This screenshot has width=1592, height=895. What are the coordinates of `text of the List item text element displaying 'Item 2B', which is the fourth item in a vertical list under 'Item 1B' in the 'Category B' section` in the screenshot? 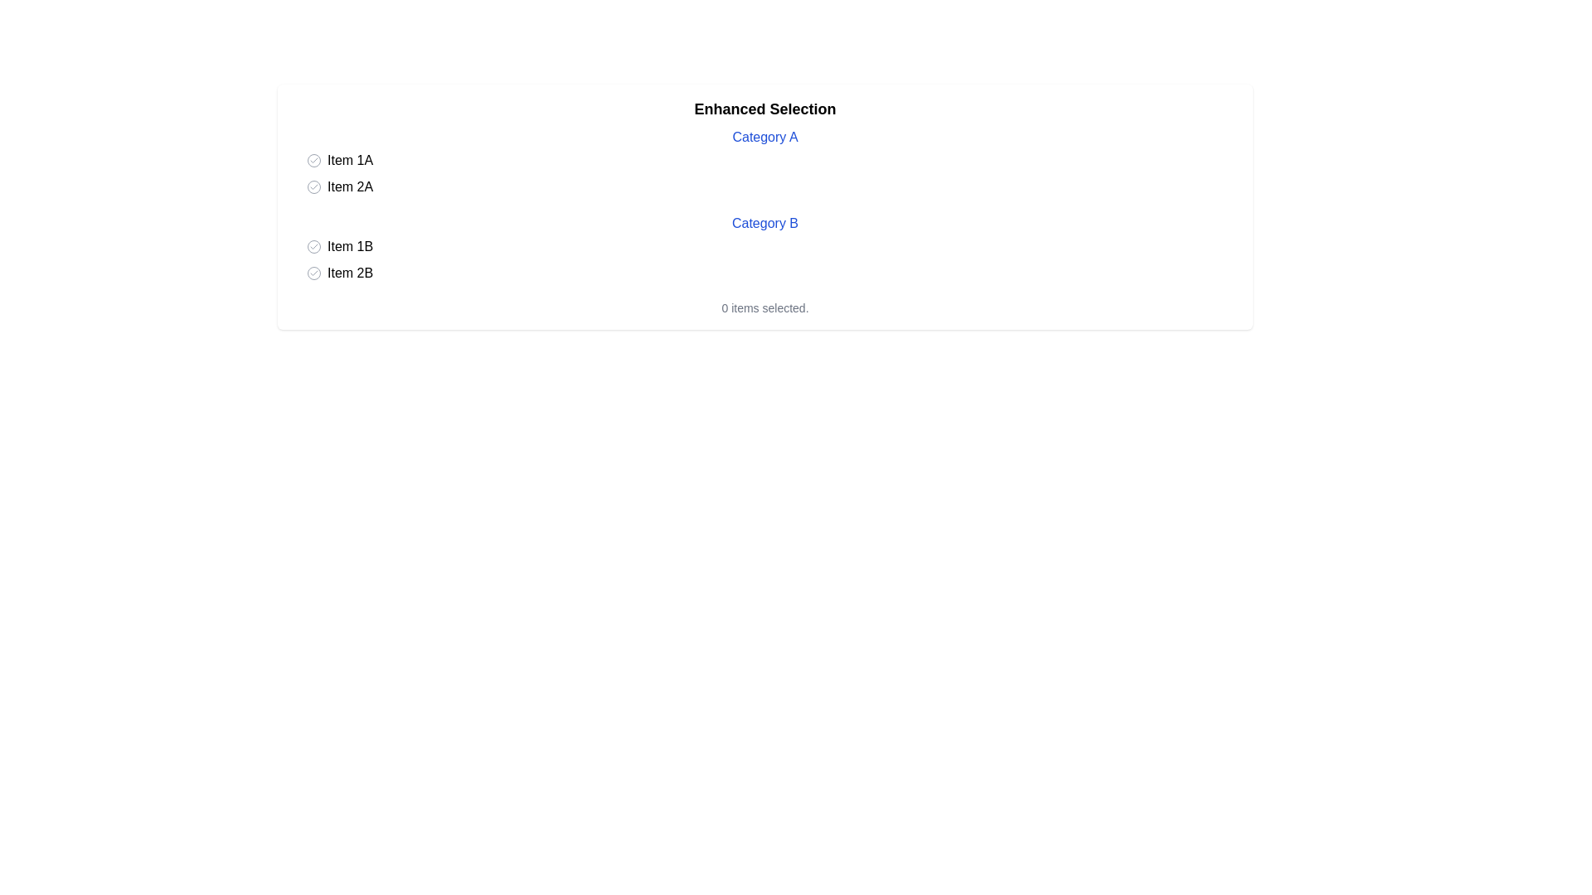 It's located at (349, 273).